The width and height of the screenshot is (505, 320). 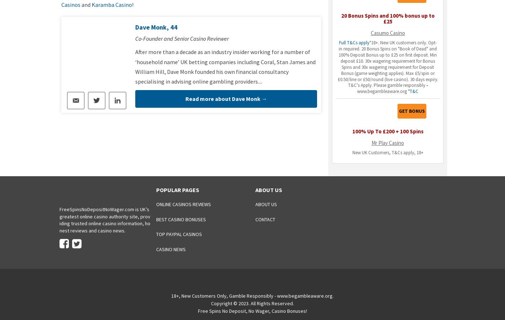 What do you see at coordinates (412, 111) in the screenshot?
I see `'Get Bonus'` at bounding box center [412, 111].